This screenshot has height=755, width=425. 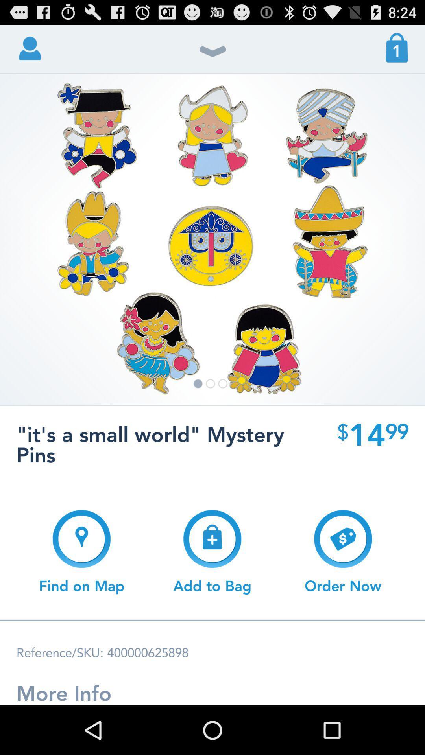 What do you see at coordinates (212, 551) in the screenshot?
I see `the item to the left of the order now item` at bounding box center [212, 551].